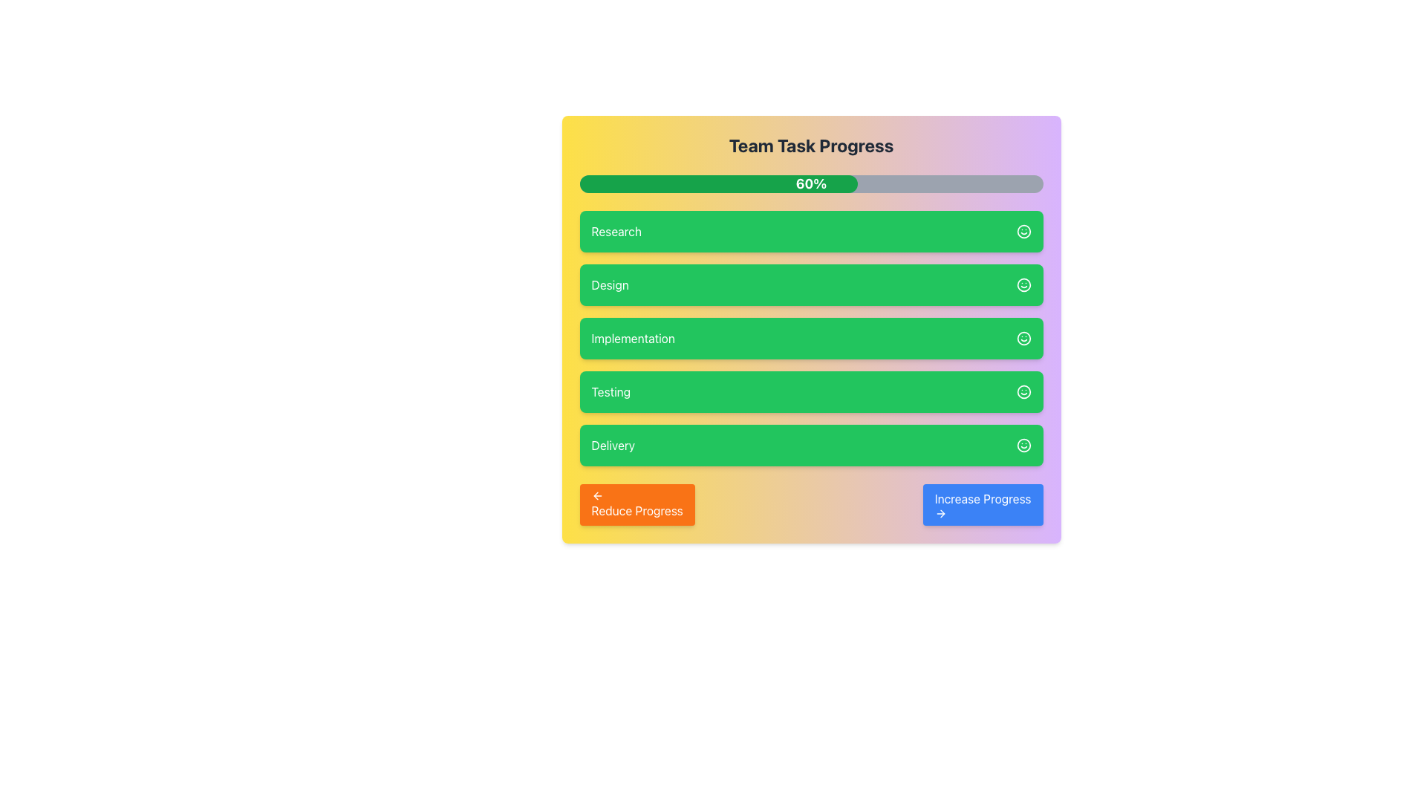 This screenshot has width=1426, height=802. Describe the element at coordinates (1023, 338) in the screenshot. I see `the outer circular shape of the smiley face icon located to the right of the 'Implementation' task line in the task list interface` at that location.